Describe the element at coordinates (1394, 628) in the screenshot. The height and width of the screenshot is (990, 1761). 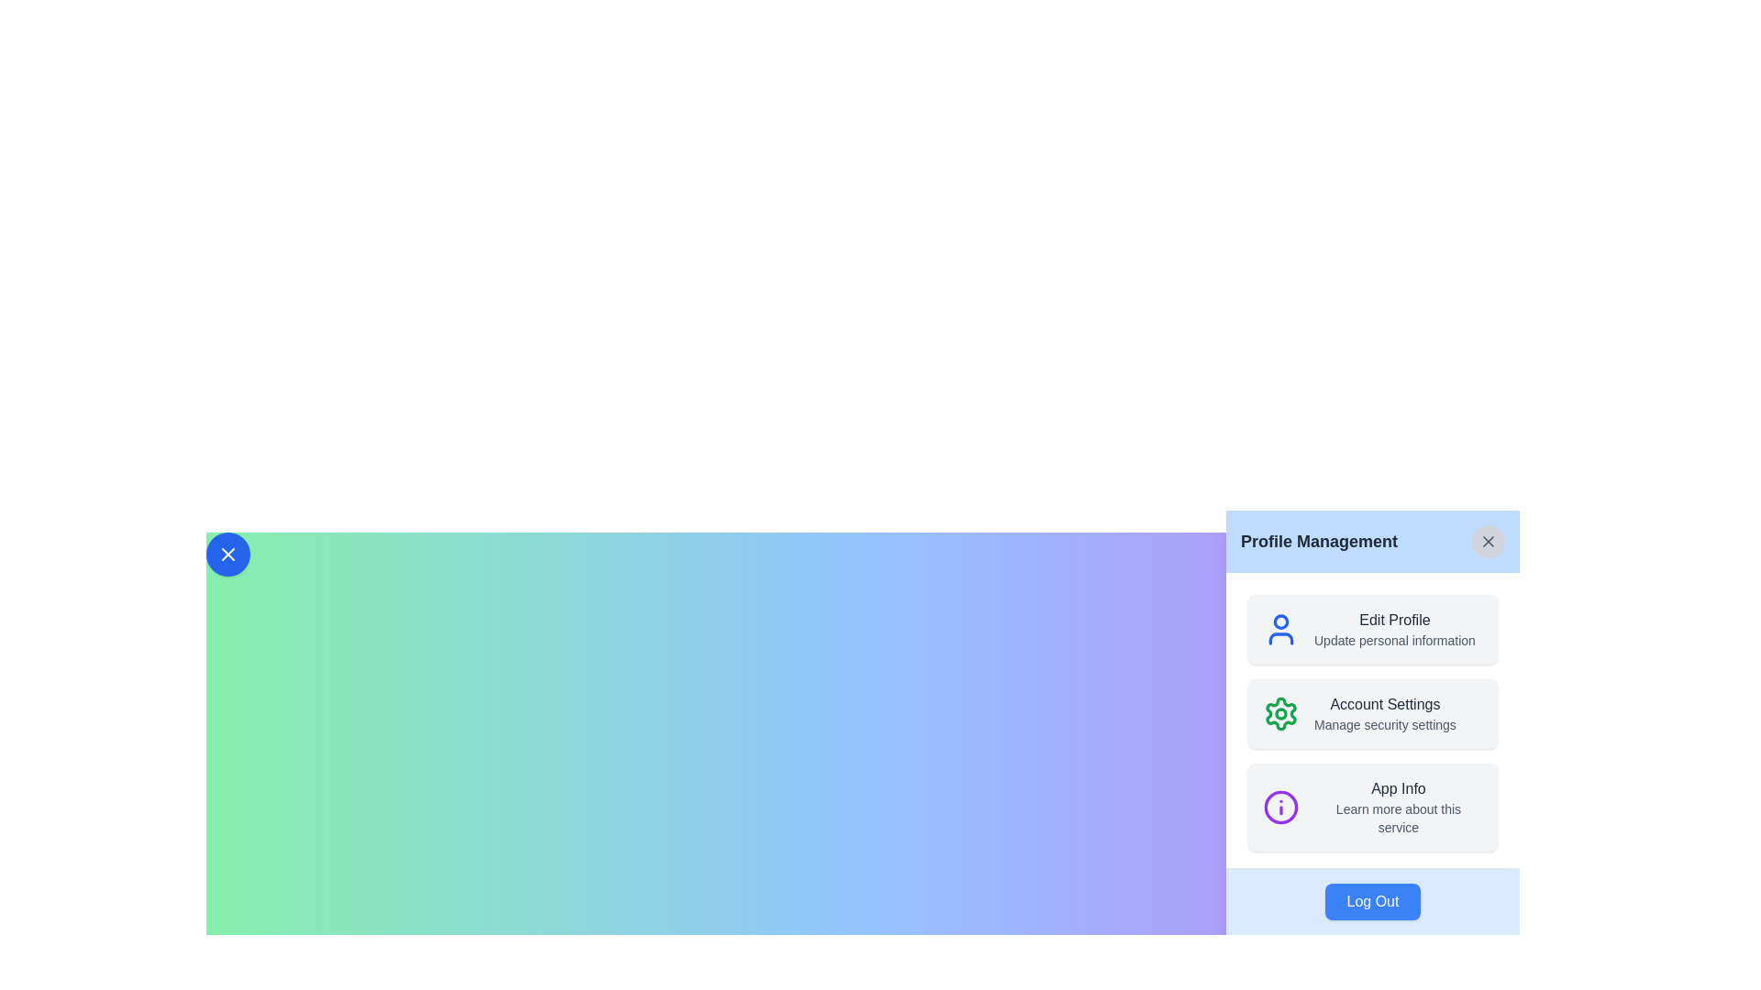
I see `the profile edit interface element located under the avatar icon in the 'Profile Management' menu` at that location.